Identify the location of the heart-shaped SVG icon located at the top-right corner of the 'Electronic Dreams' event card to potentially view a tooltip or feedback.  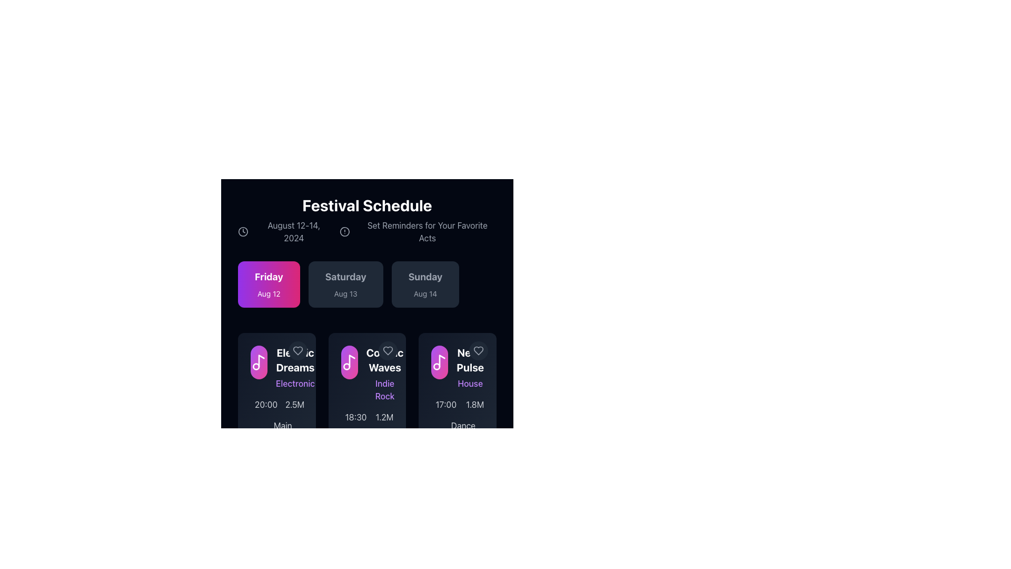
(388, 351).